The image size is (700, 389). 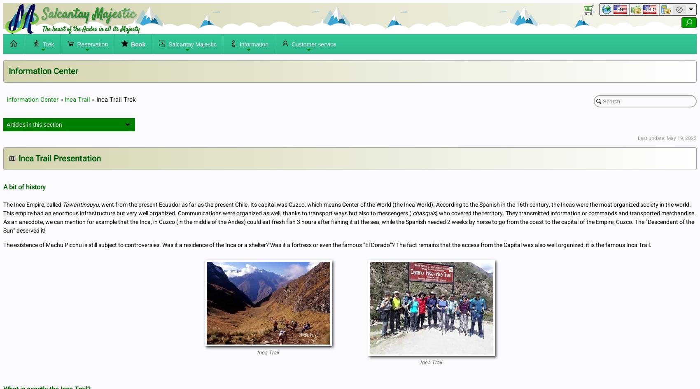 I want to click on 'The heart of the Andes in all its Majesty', so click(x=91, y=29).